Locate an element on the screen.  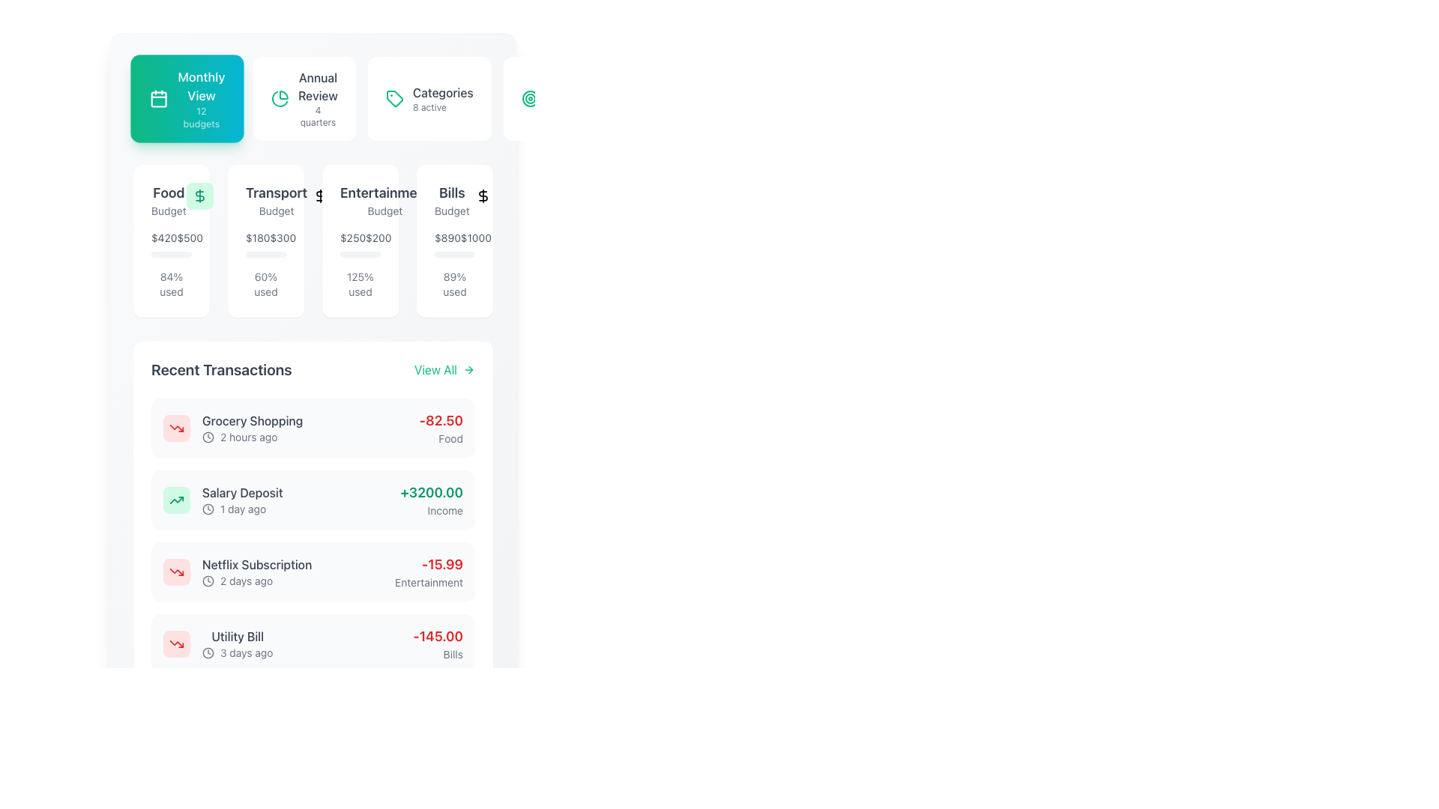
the bold, red-colored text displaying the value '-82.50' in the 'Recent Transactions' section, which is to the right of the 'Grocery Shopping' label is located at coordinates (440, 421).